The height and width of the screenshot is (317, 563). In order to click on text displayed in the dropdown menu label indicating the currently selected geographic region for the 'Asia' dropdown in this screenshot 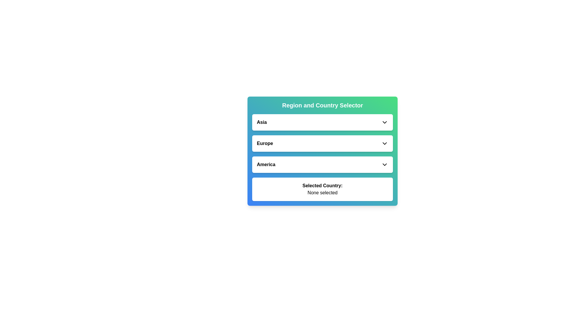, I will do `click(261, 122)`.